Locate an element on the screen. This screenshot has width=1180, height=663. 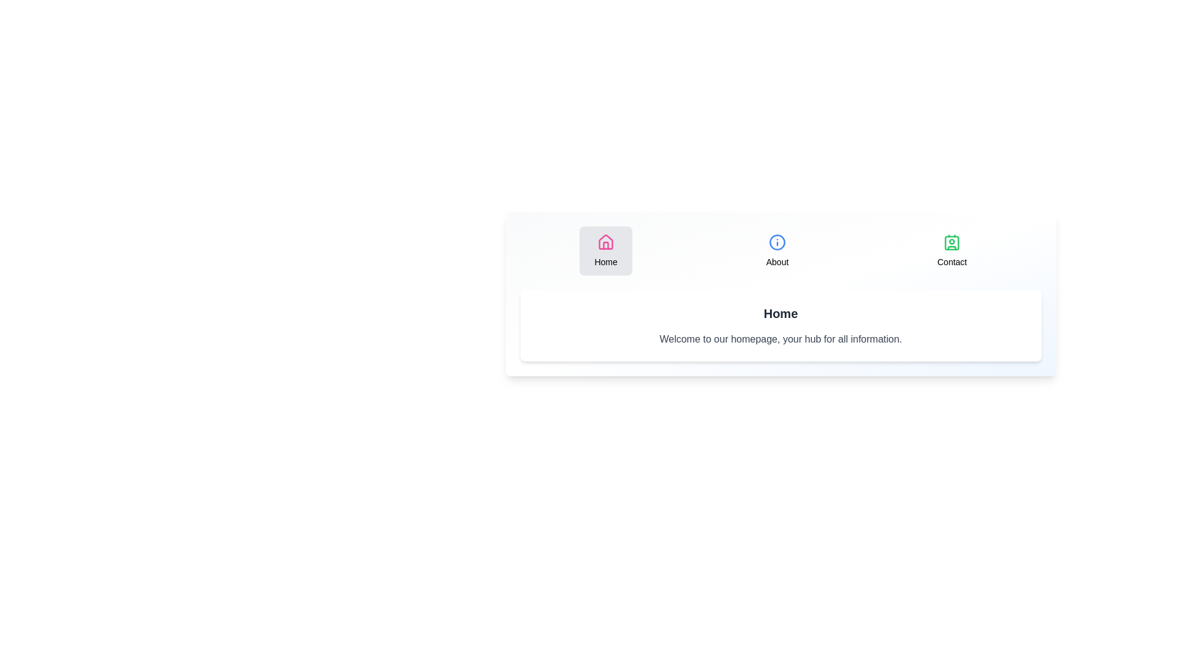
the Contact tab is located at coordinates (951, 250).